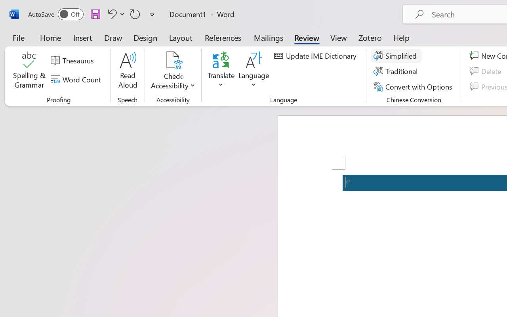  Describe the element at coordinates (221, 71) in the screenshot. I see `'Translate'` at that location.